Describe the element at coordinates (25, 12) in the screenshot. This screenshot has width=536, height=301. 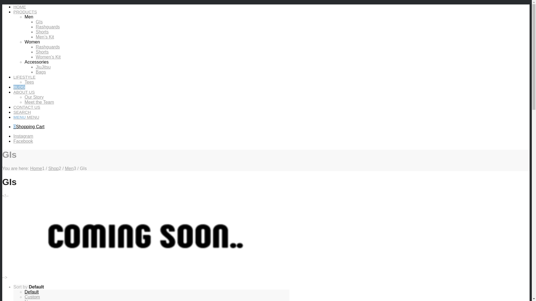
I see `'PRODUCTS'` at that location.